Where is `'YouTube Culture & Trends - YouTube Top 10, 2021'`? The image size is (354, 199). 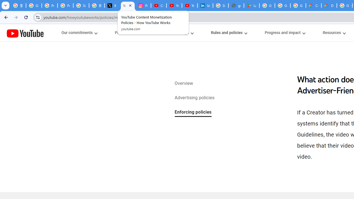 'YouTube Culture & Trends - YouTube Top 10, 2021' is located at coordinates (190, 6).